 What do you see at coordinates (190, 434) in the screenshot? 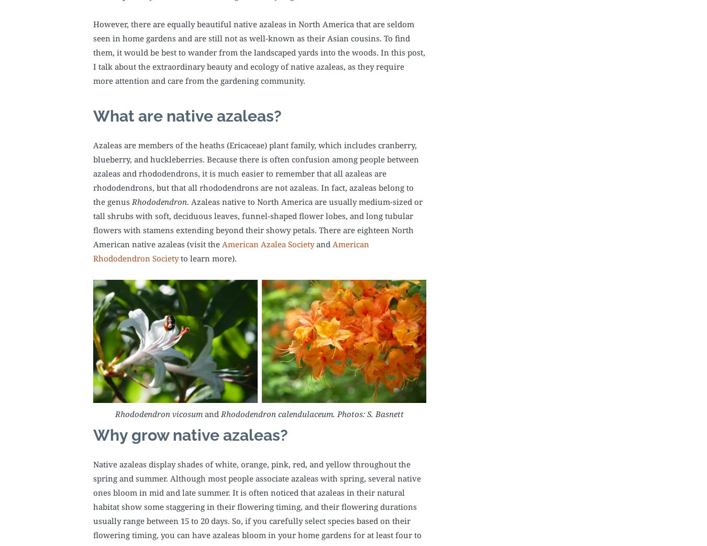
I see `'Why grow native azaleas?'` at bounding box center [190, 434].